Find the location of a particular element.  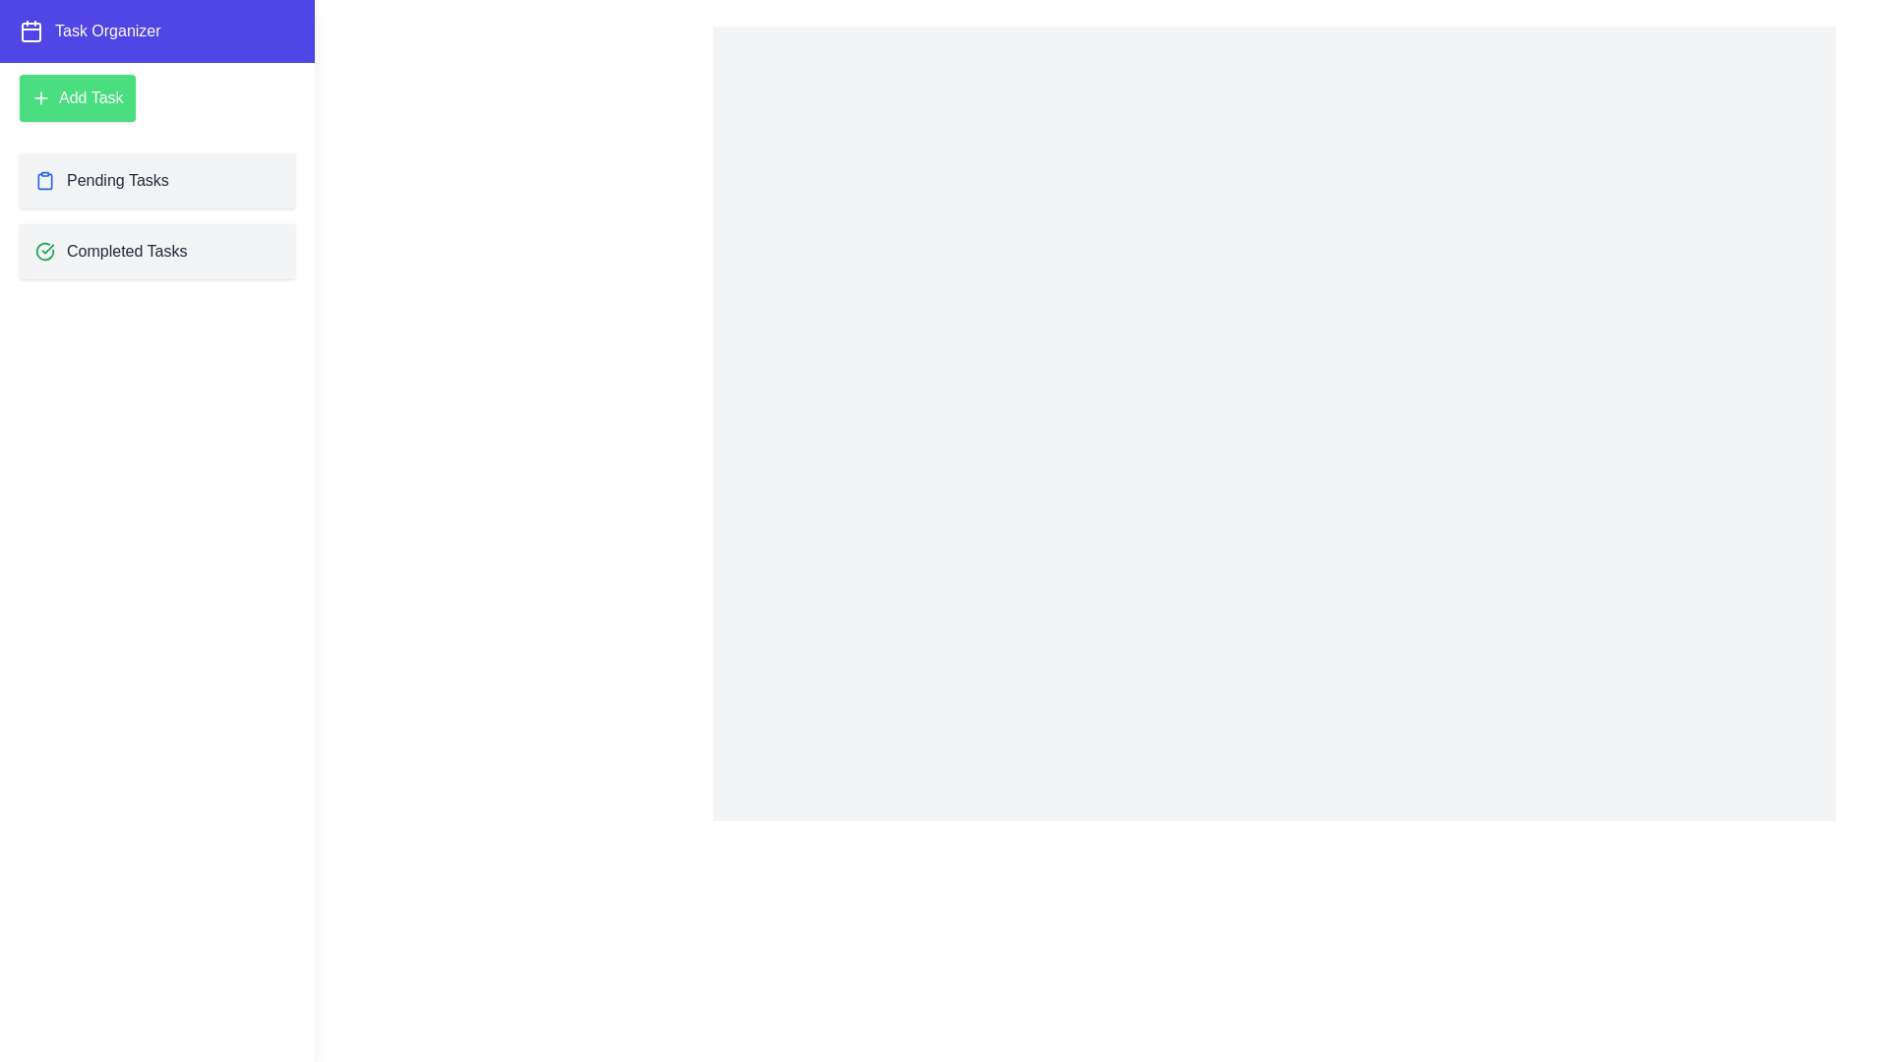

toggle button to toggle the drawer visibility is located at coordinates (42, 42).